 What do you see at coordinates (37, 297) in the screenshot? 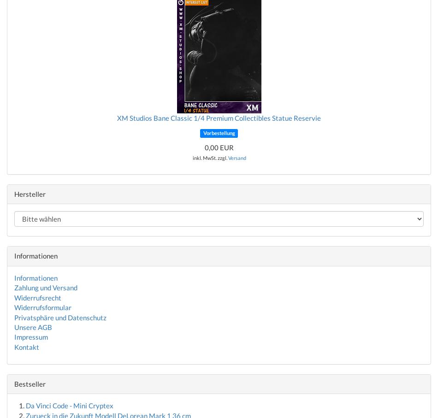
I see `'Widerrufsrecht'` at bounding box center [37, 297].